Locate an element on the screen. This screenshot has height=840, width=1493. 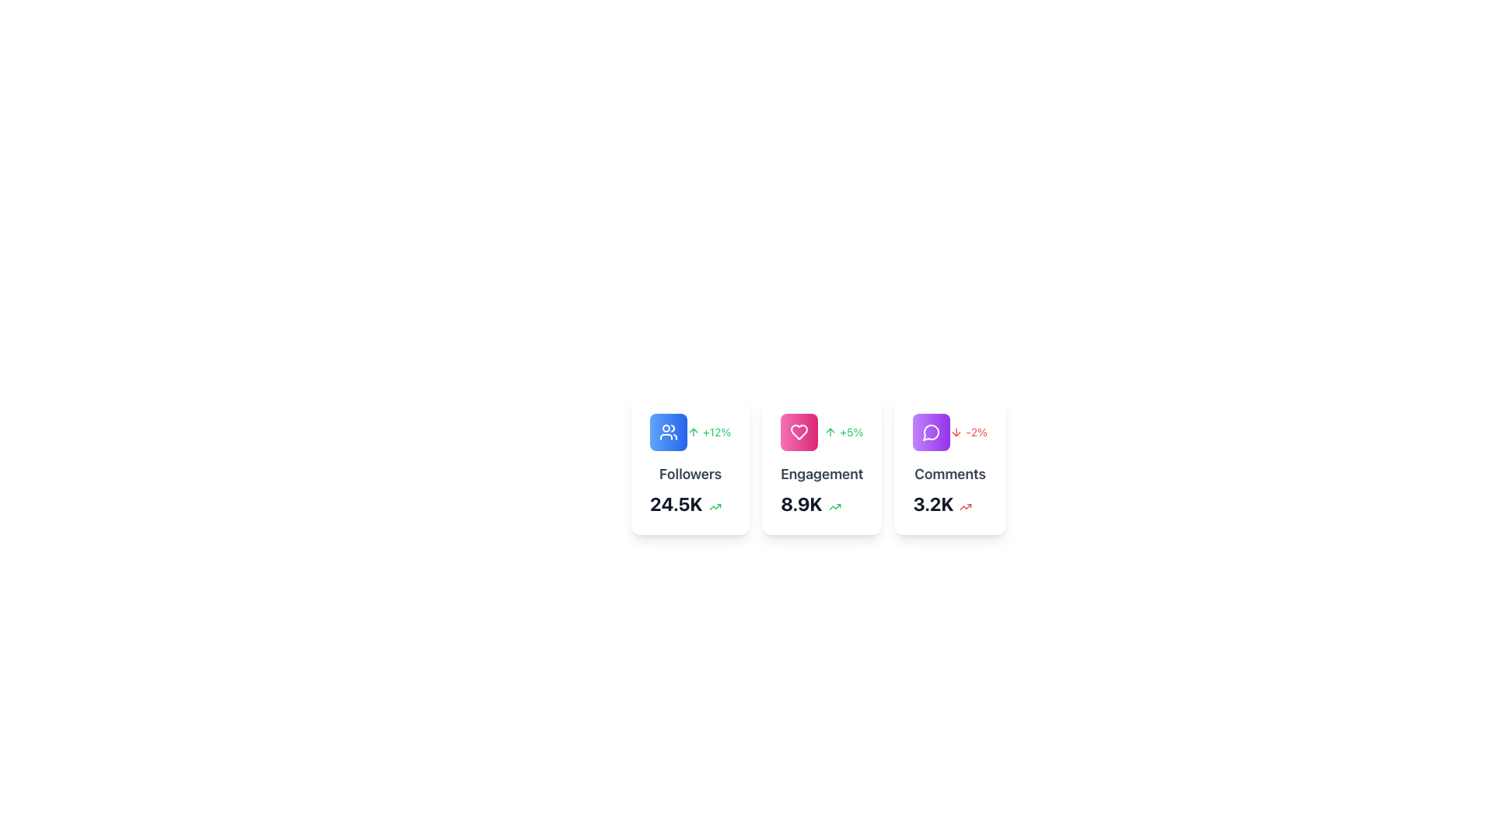
the text label displaying a percentage value (+5%) indicating positive growth in engagement metrics, located in the second column of the metrics cards, near the top-right of the 'Engagement' card is located at coordinates (851, 432).